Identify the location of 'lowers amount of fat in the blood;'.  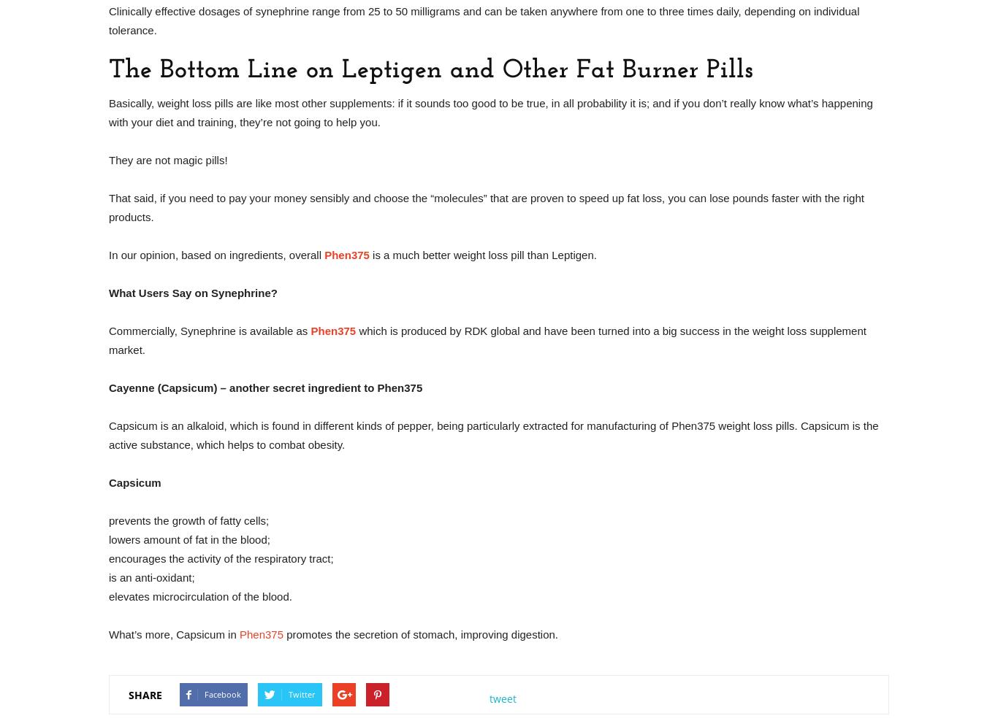
(188, 539).